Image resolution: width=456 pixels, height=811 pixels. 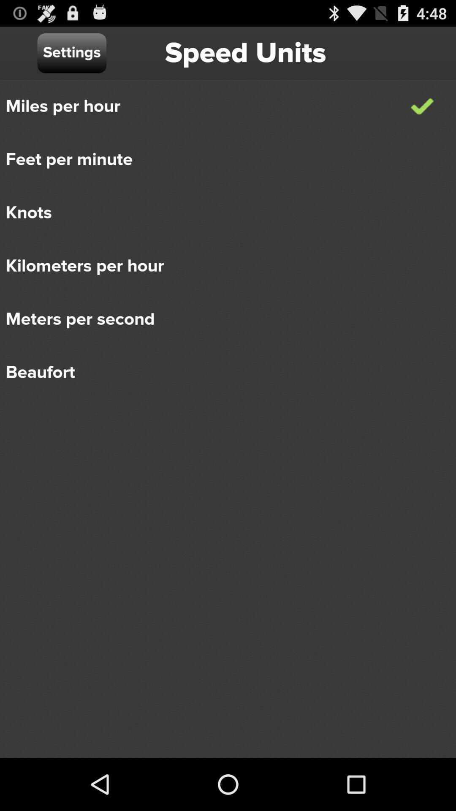 What do you see at coordinates (71, 52) in the screenshot?
I see `settings` at bounding box center [71, 52].